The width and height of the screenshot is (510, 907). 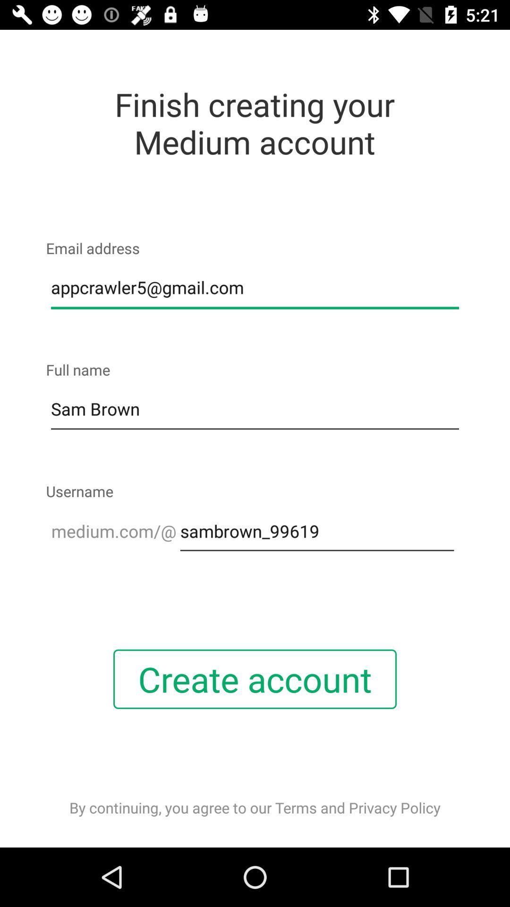 What do you see at coordinates (255, 287) in the screenshot?
I see `appcrawler5@gmail.com` at bounding box center [255, 287].